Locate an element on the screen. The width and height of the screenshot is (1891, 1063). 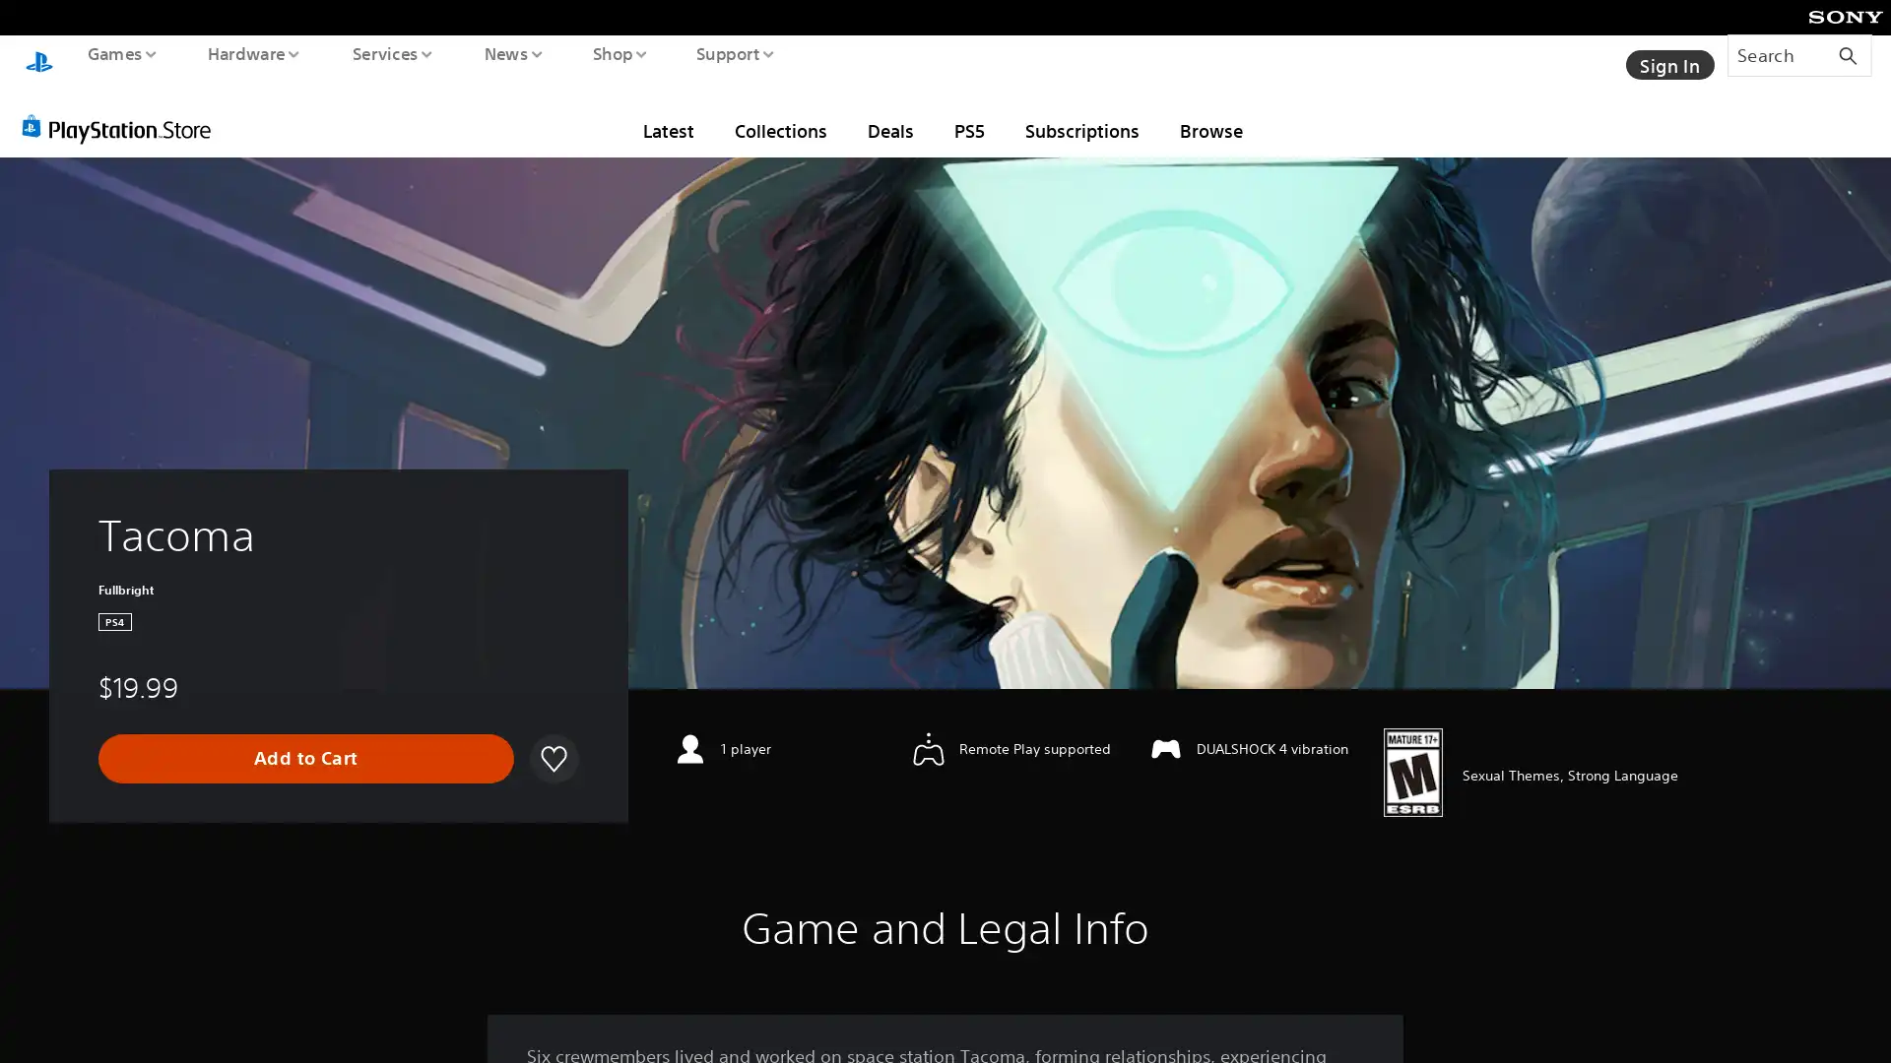
Add to Cart is located at coordinates (304, 740).